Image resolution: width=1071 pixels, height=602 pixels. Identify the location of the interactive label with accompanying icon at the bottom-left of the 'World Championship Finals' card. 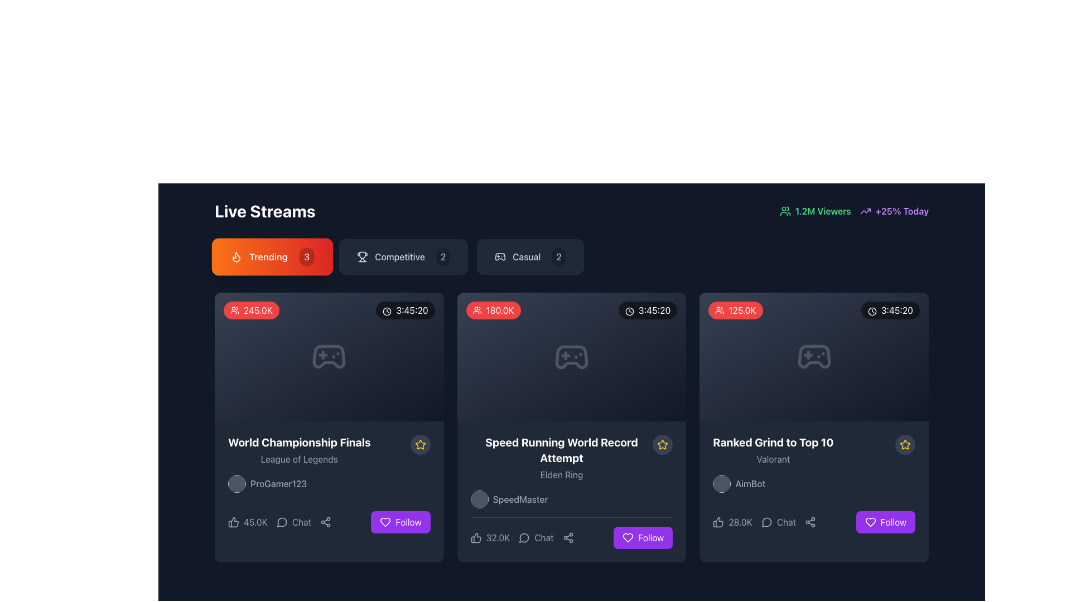
(279, 522).